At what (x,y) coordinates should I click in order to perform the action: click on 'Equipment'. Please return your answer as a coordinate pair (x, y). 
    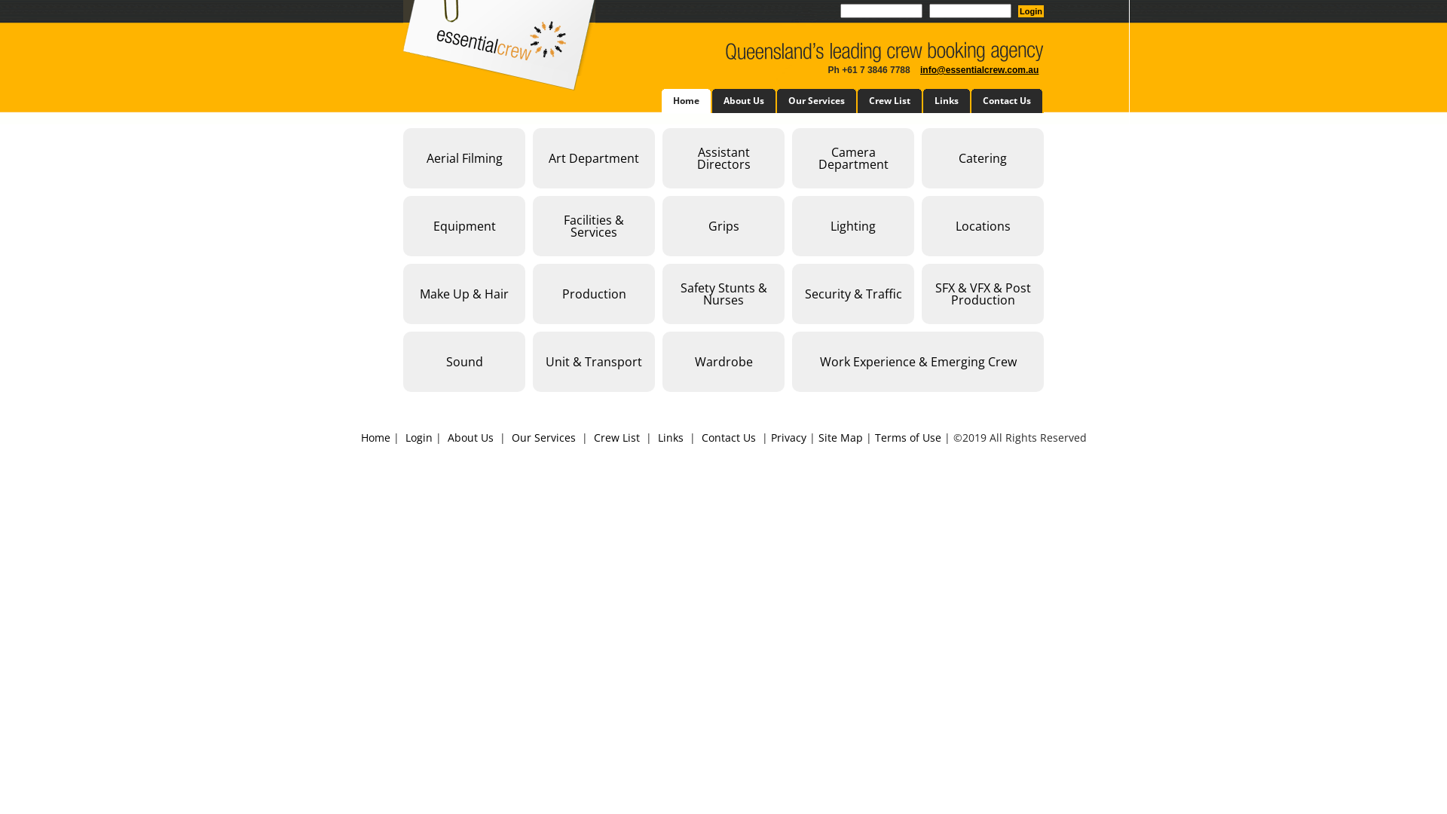
    Looking at the image, I should click on (463, 226).